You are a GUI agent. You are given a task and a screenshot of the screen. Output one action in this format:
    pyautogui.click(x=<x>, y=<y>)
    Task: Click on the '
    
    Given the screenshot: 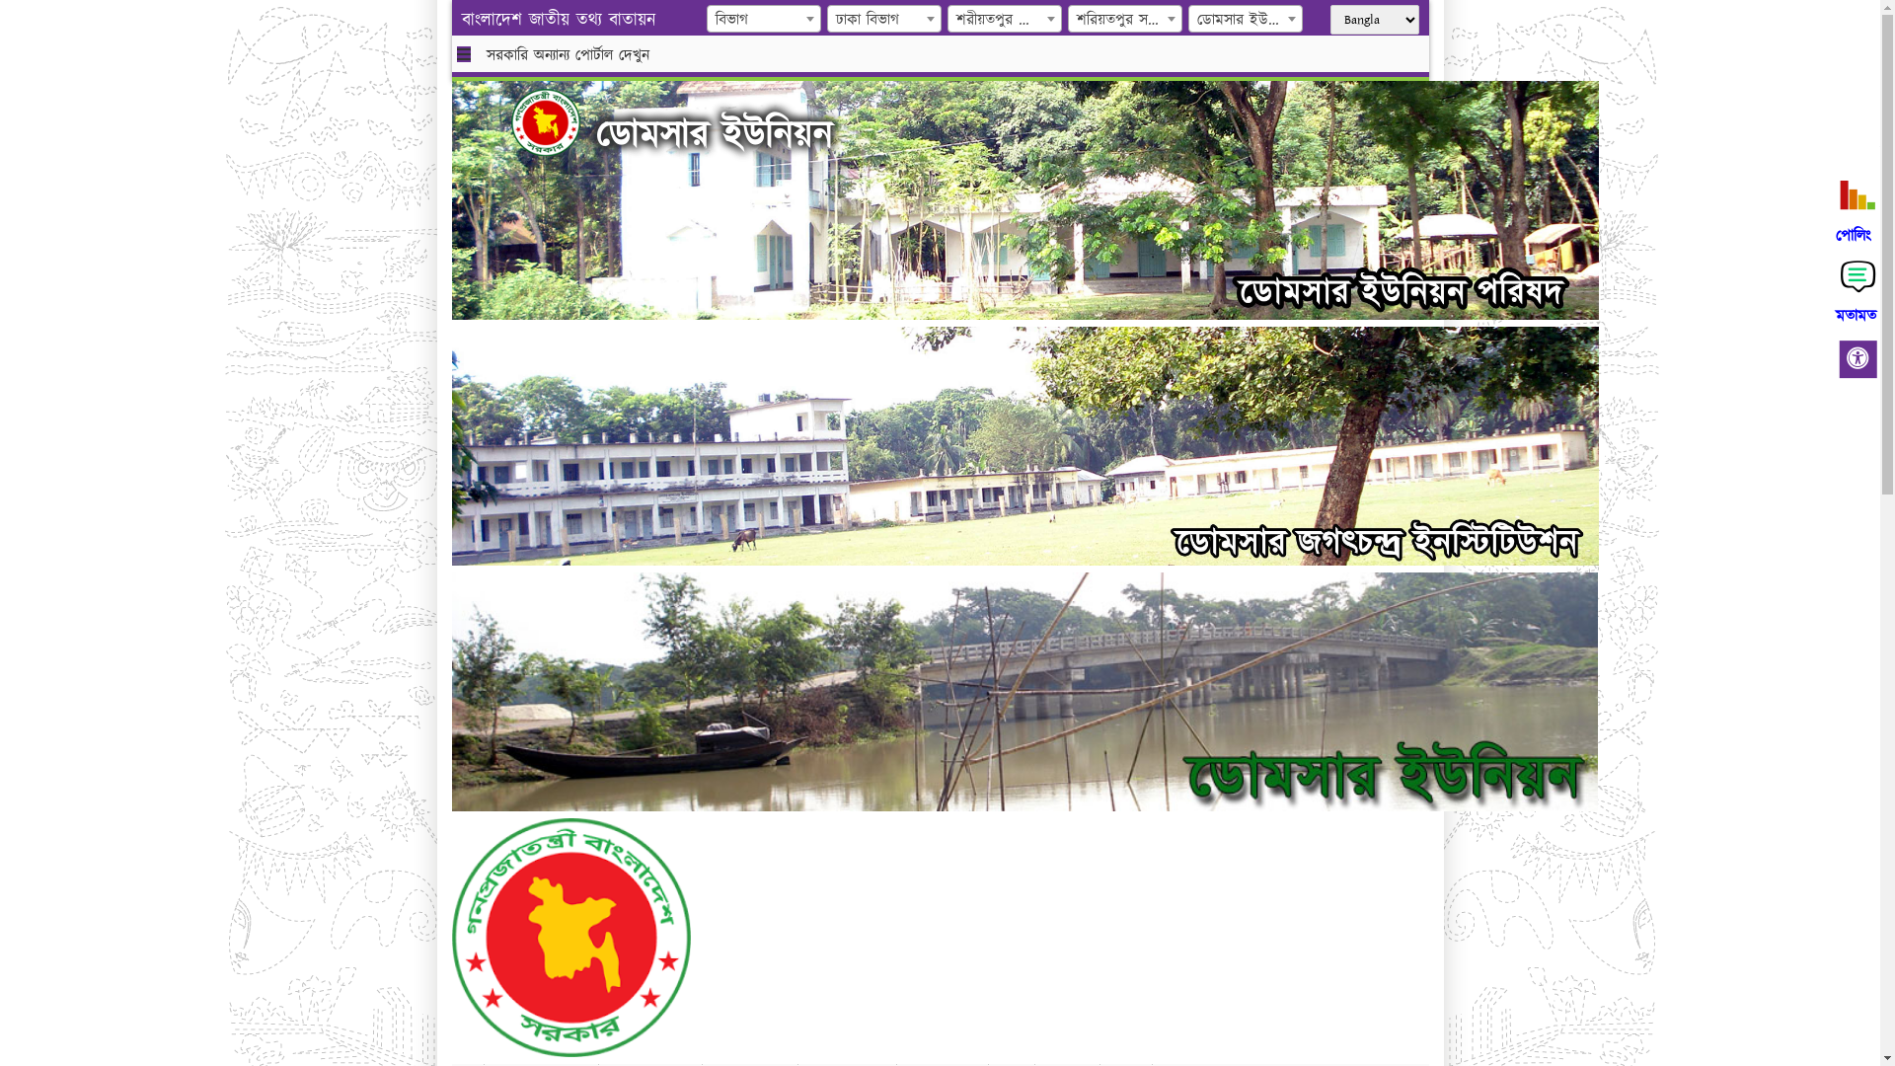 What is the action you would take?
    pyautogui.click(x=560, y=121)
    